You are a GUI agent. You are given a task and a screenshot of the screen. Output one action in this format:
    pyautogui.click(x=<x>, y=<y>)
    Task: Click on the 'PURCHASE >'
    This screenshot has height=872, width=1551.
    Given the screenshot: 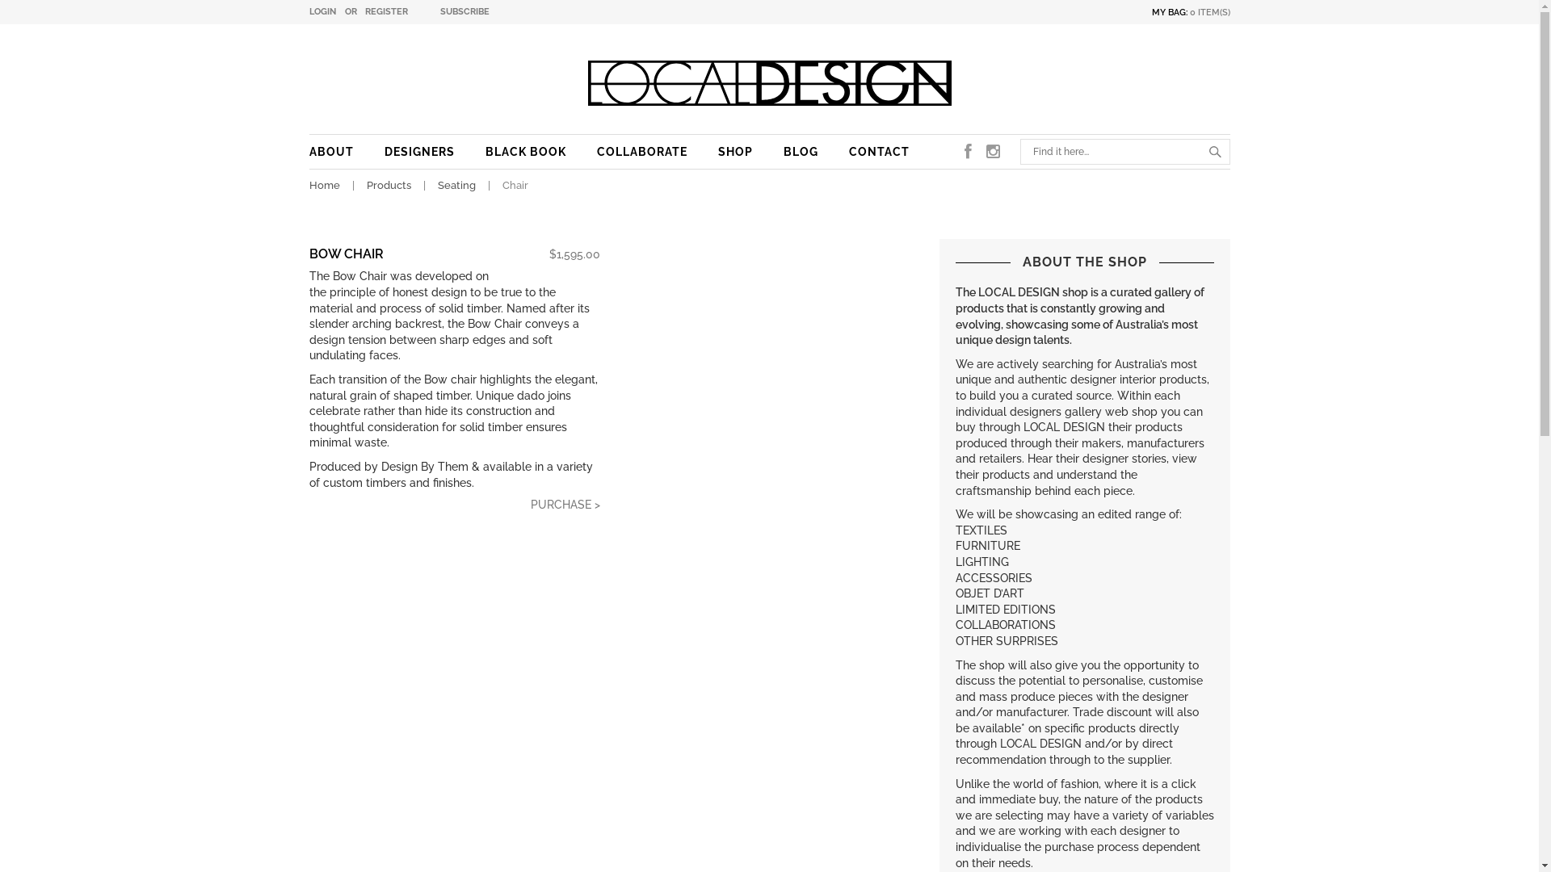 What is the action you would take?
    pyautogui.click(x=552, y=514)
    